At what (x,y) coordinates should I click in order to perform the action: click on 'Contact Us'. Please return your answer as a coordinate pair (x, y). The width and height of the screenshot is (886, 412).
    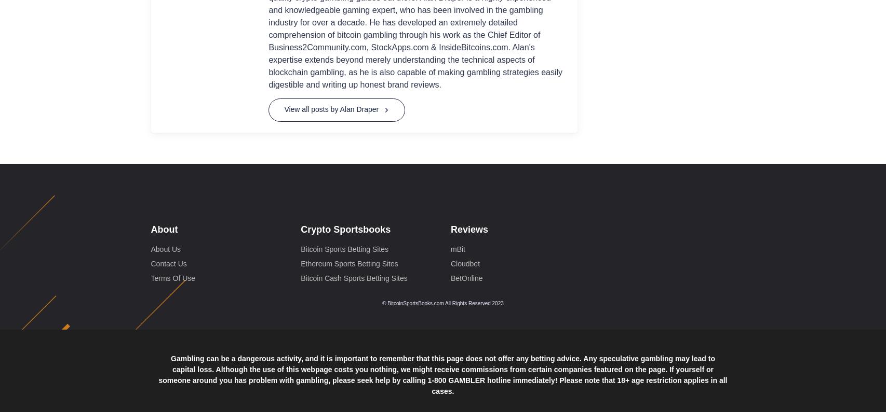
    Looking at the image, I should click on (151, 73).